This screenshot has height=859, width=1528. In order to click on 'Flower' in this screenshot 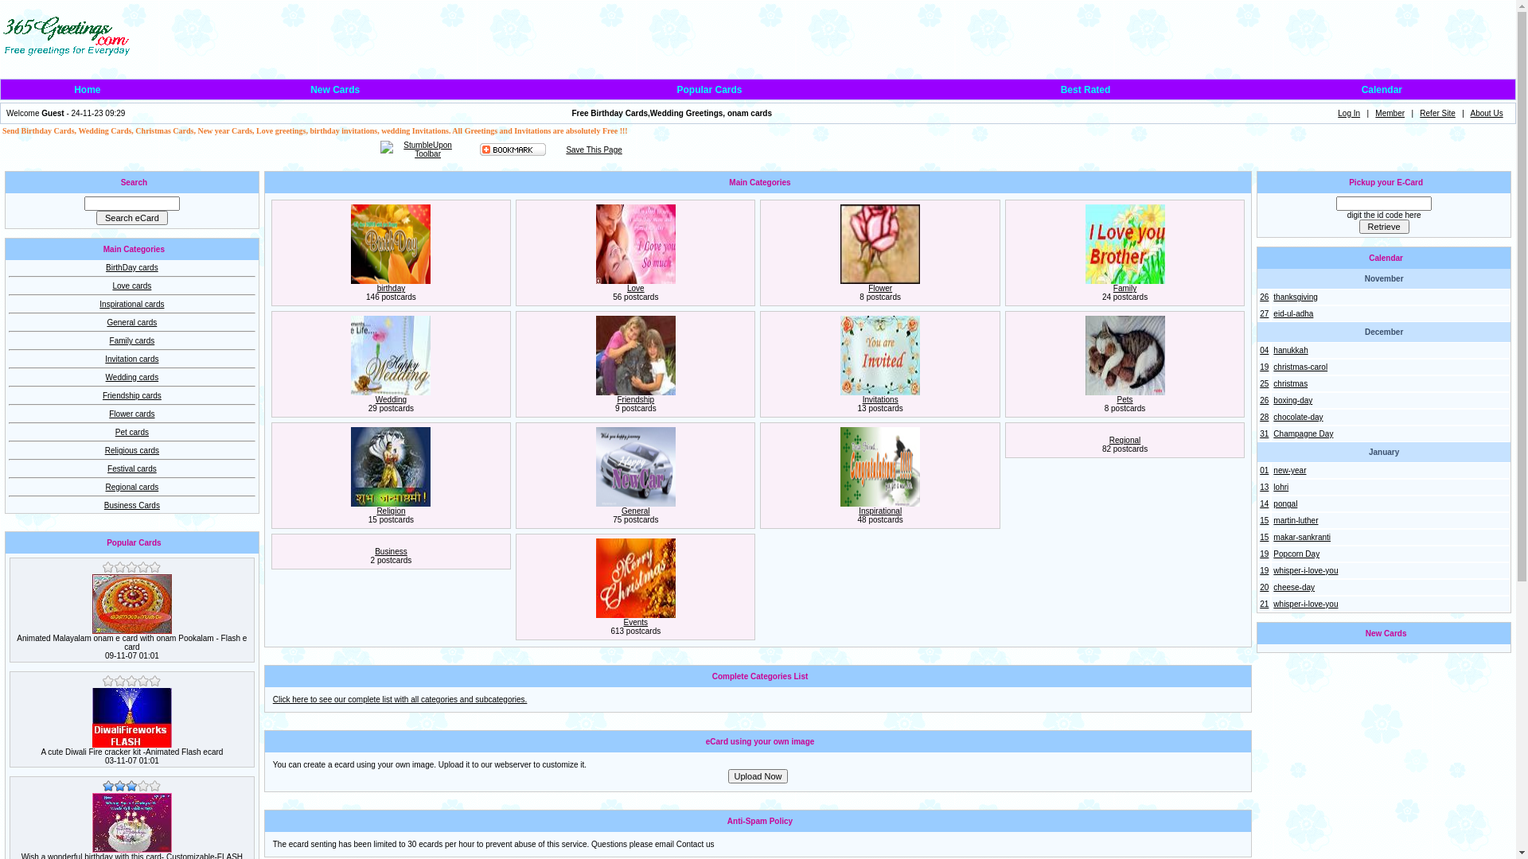, I will do `click(867, 288)`.